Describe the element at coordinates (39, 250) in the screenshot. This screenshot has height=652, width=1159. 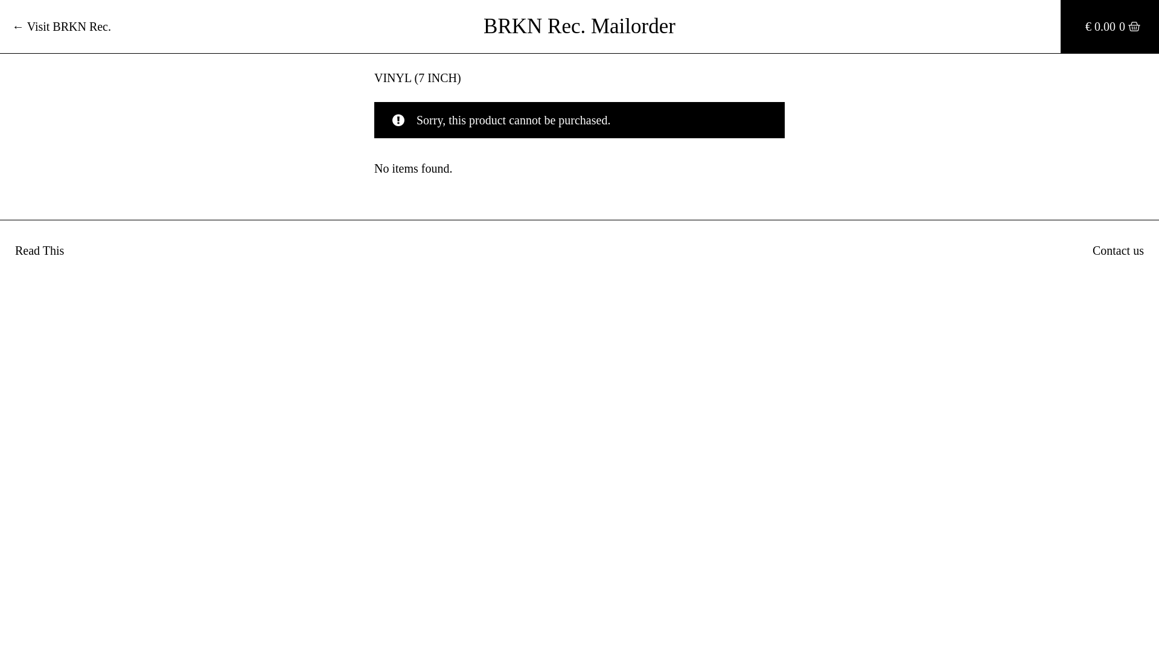
I see `'Read This'` at that location.